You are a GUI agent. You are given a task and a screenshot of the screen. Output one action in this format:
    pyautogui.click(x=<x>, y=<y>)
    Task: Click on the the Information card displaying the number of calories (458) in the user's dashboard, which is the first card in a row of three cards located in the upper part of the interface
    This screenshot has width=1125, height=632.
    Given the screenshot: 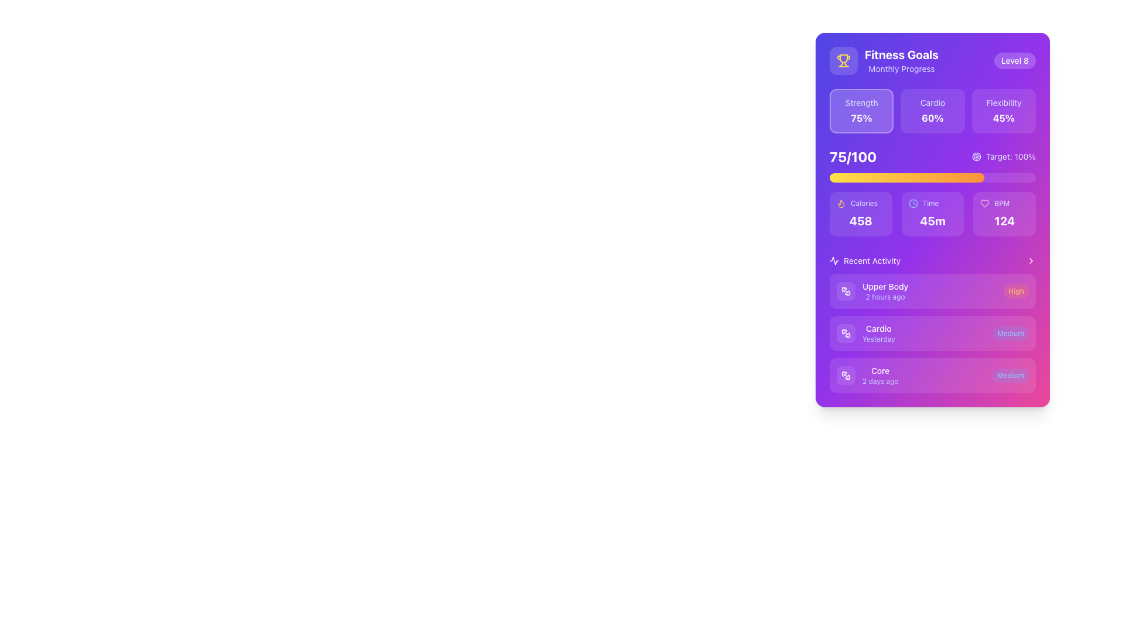 What is the action you would take?
    pyautogui.click(x=861, y=214)
    